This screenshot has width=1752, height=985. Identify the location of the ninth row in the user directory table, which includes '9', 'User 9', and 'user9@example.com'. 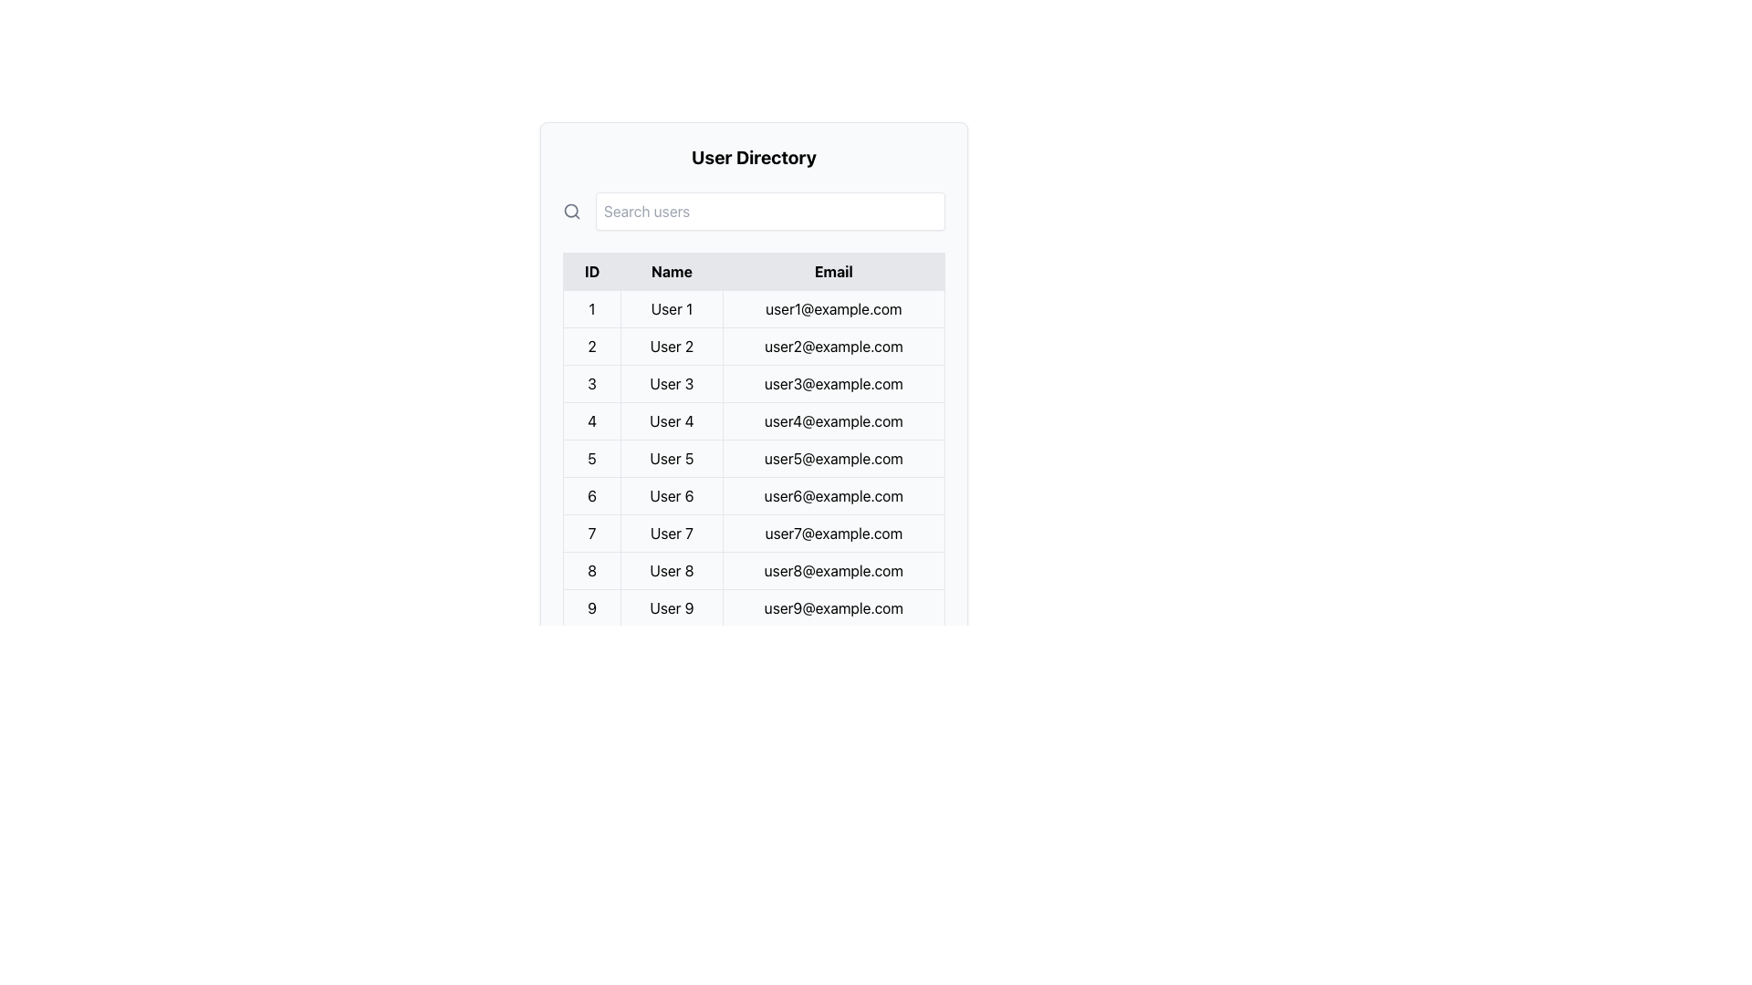
(754, 608).